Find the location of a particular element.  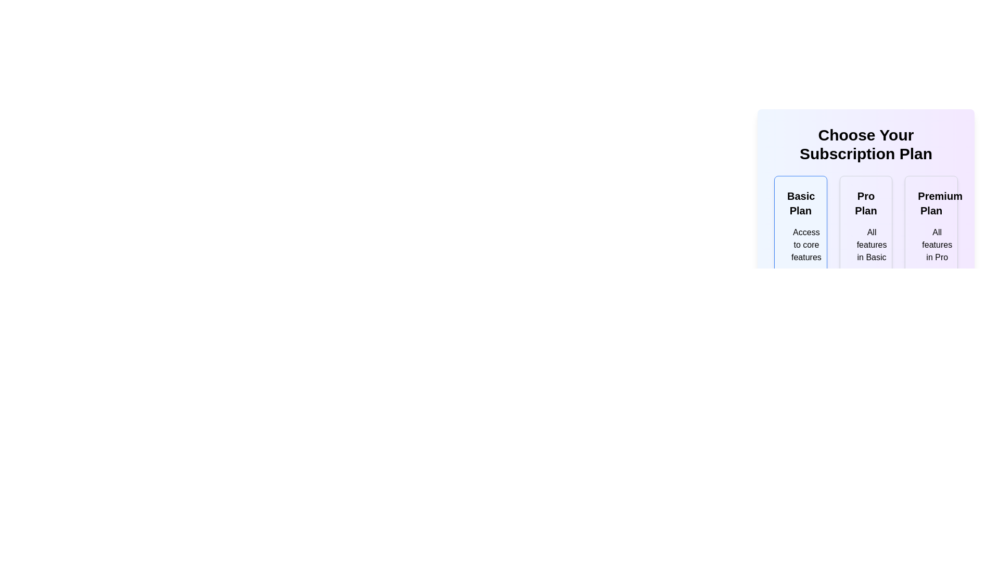

the text label 'All features in Basic' located in the 'Pro Plan' section, which is styled as standard text and part of a vertical list of elements is located at coordinates (872, 245).